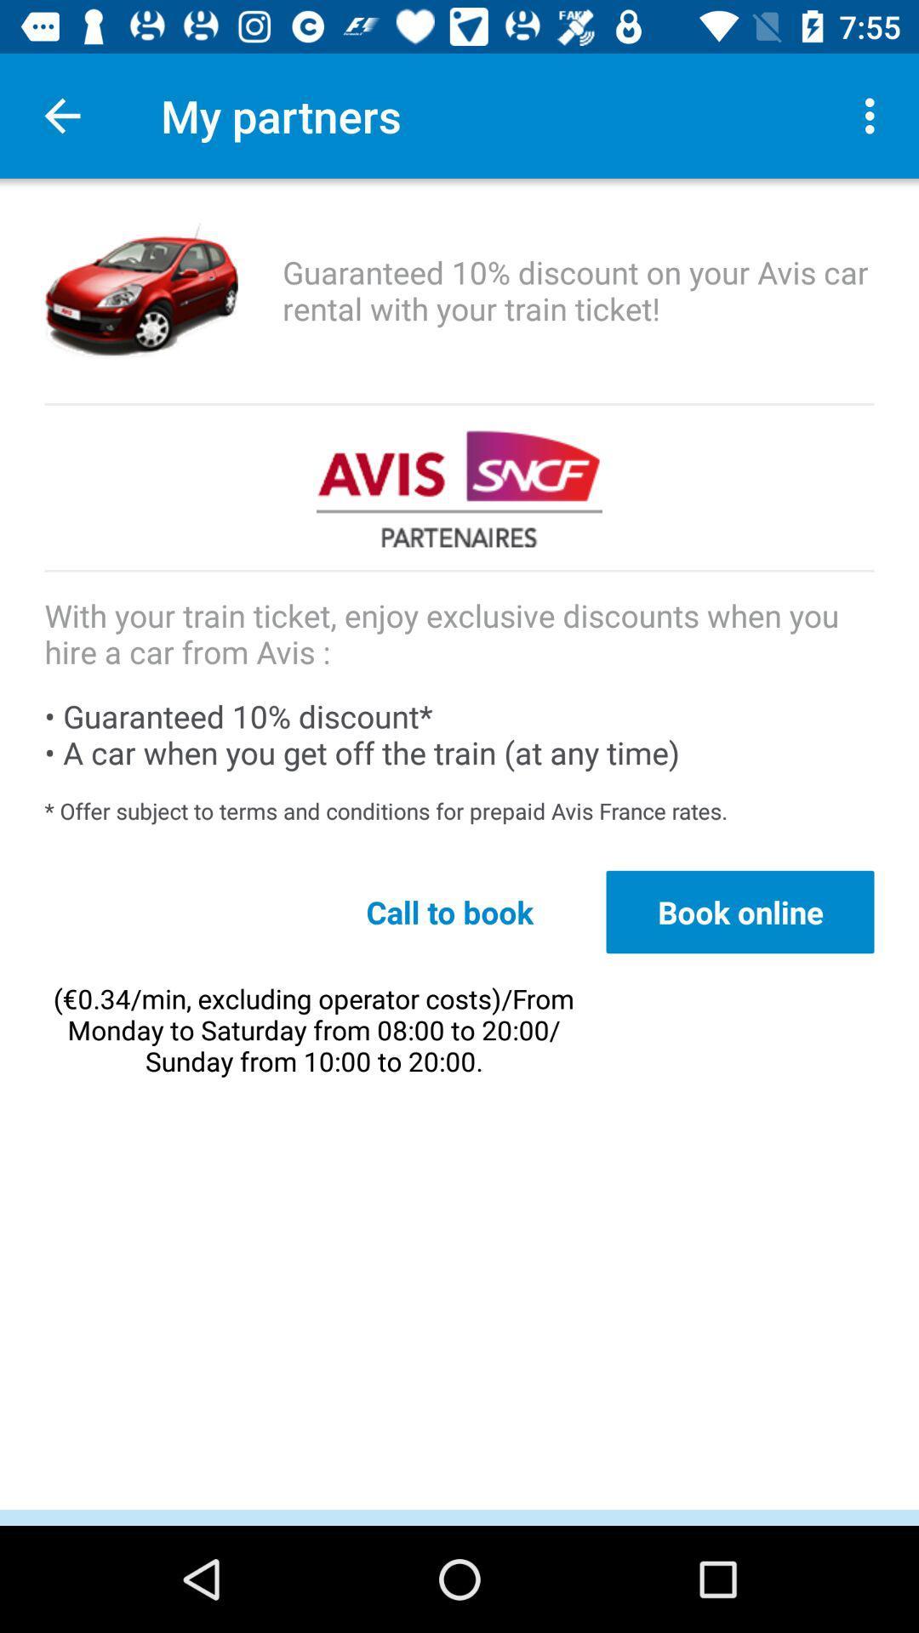  I want to click on the call to book icon, so click(448, 911).